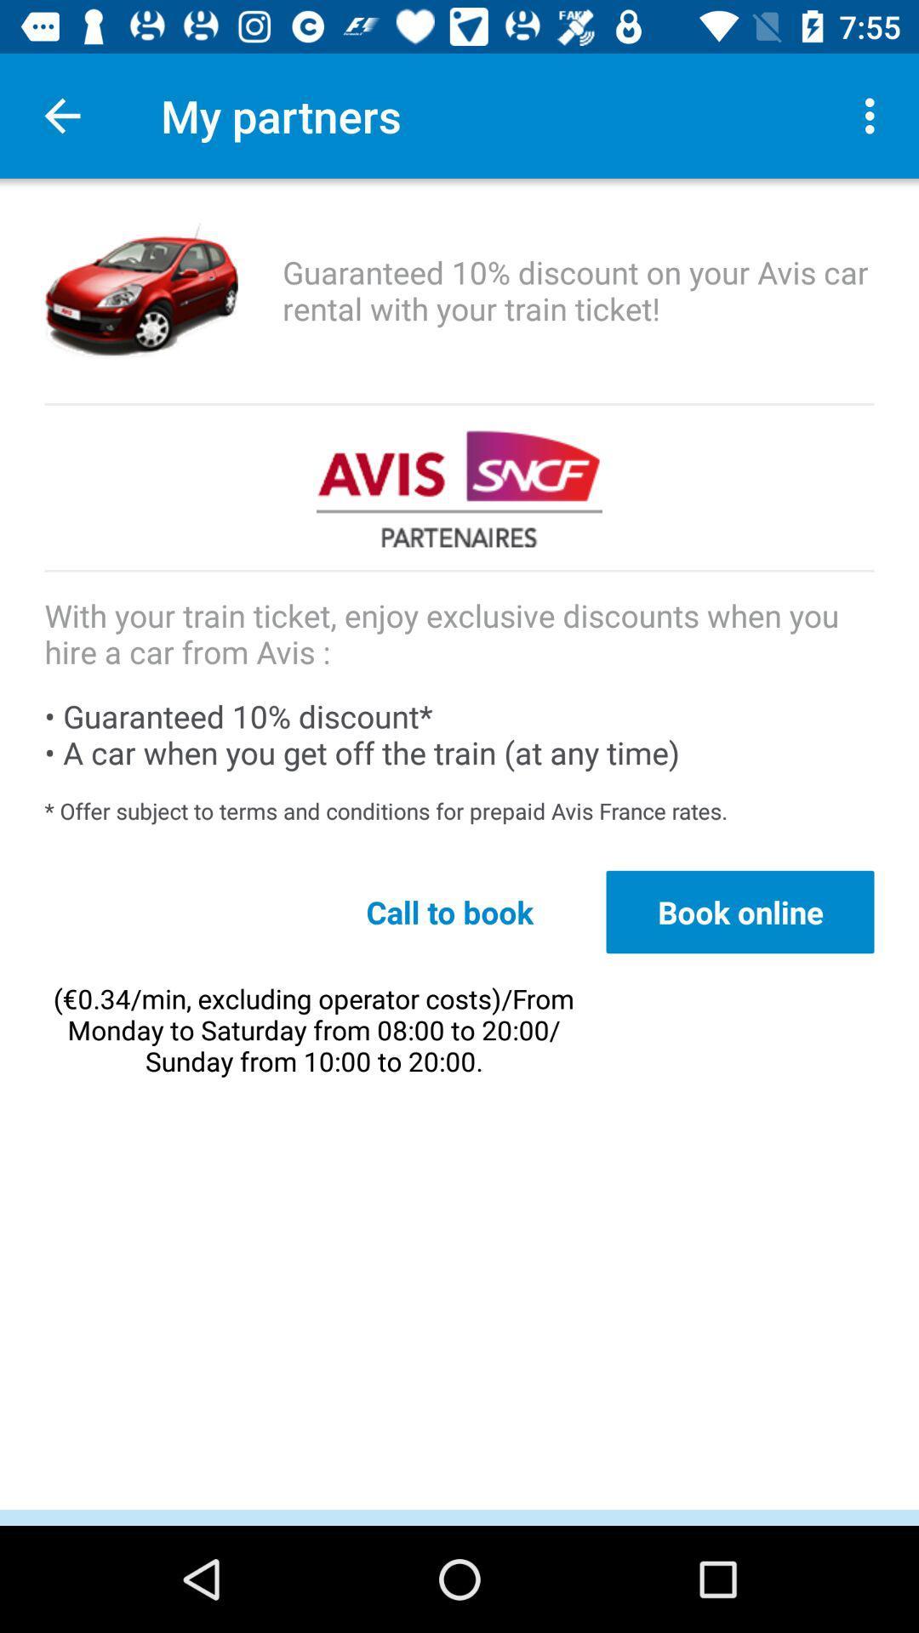  I want to click on the call to book icon, so click(448, 911).